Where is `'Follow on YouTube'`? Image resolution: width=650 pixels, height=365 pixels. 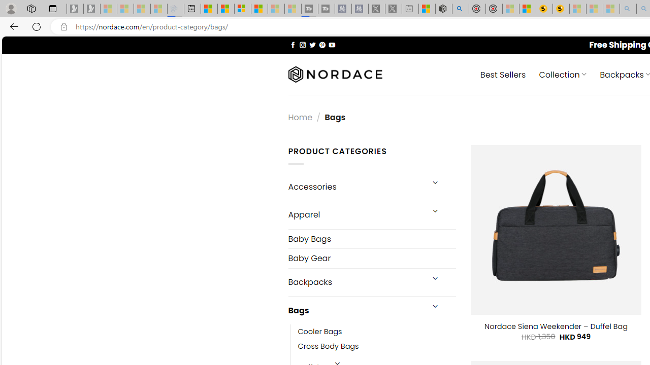 'Follow on YouTube' is located at coordinates (332, 44).